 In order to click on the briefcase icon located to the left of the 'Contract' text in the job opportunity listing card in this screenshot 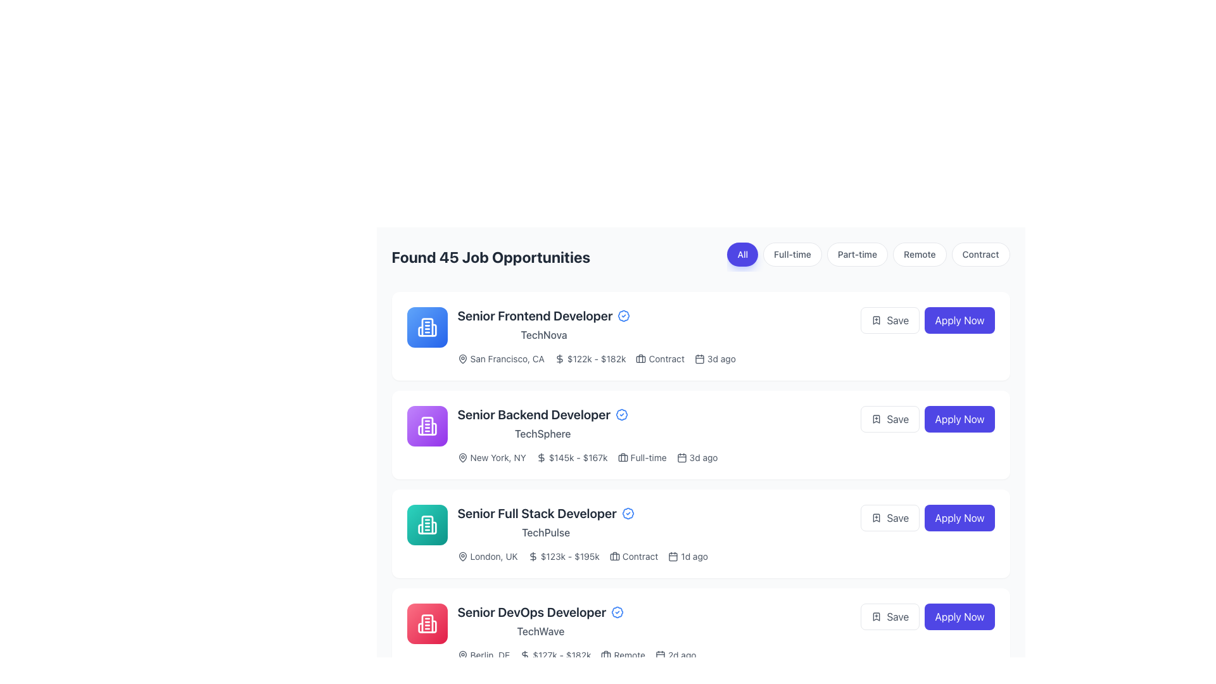, I will do `click(641, 359)`.